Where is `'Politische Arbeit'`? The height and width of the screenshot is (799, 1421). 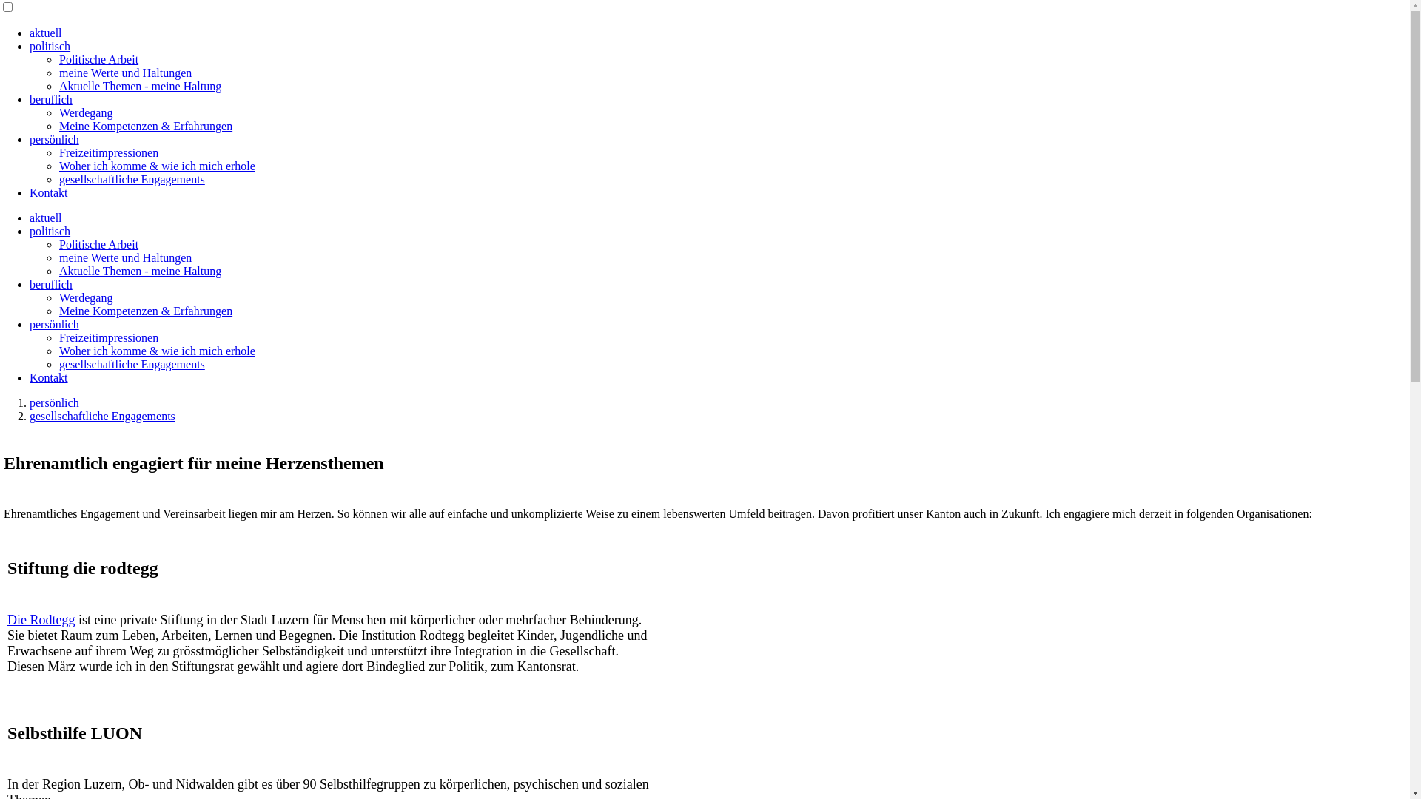 'Politische Arbeit' is located at coordinates (98, 243).